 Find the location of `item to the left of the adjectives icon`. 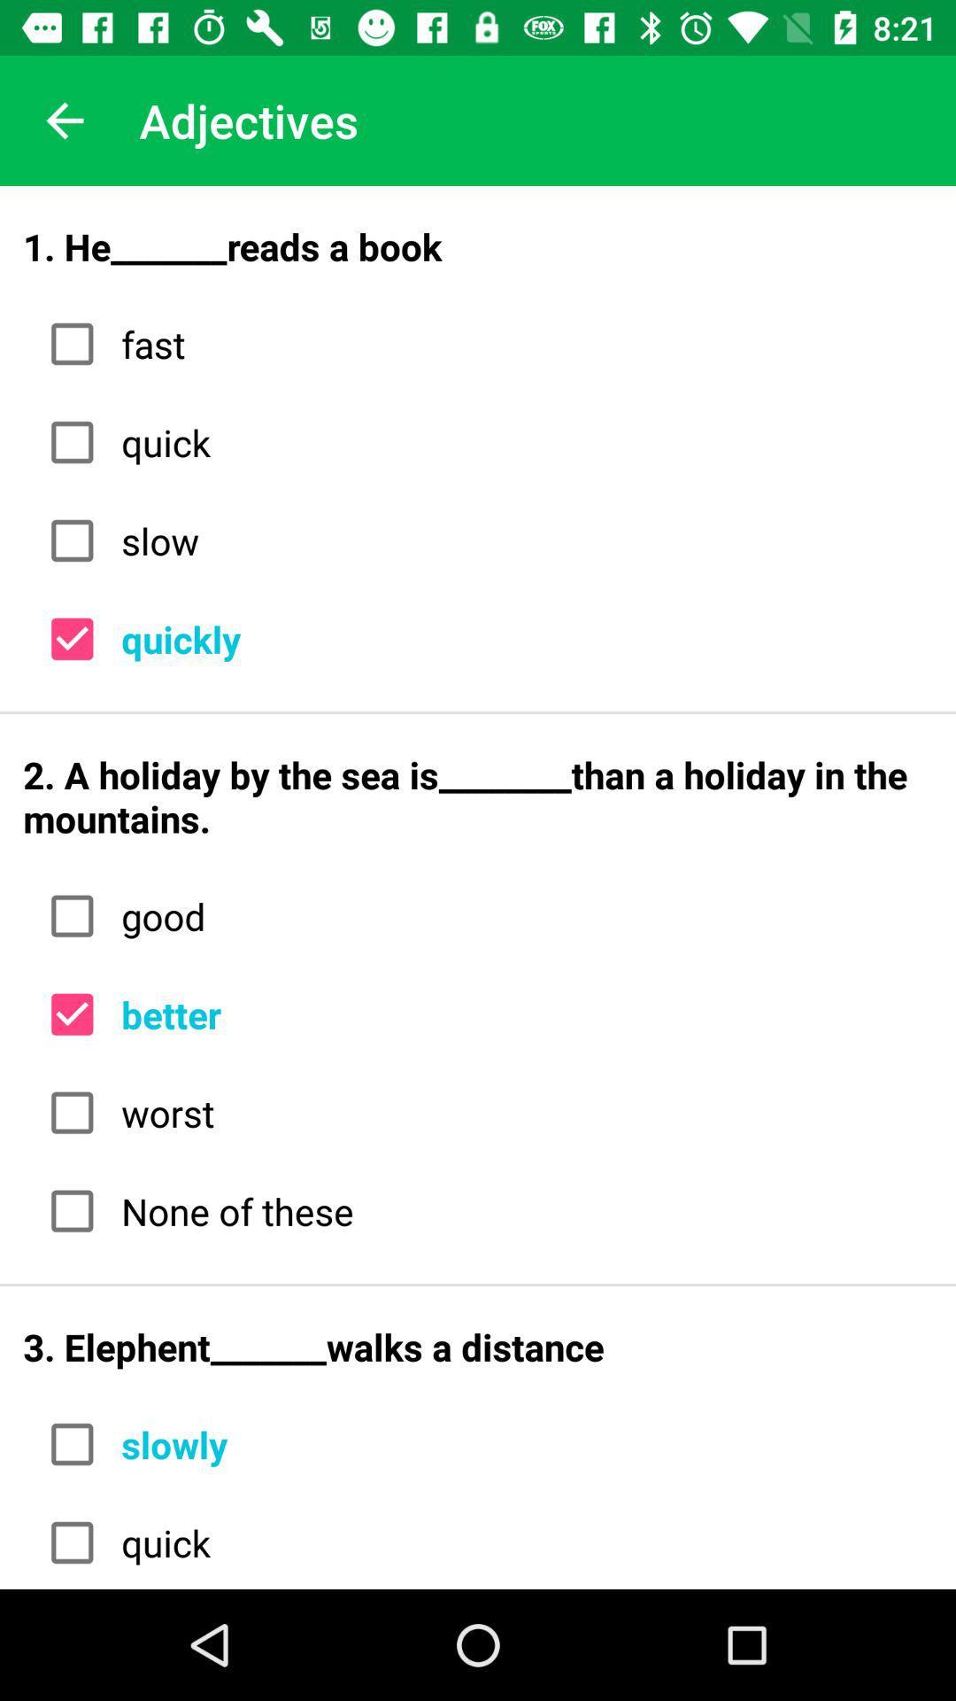

item to the left of the adjectives icon is located at coordinates (64, 120).